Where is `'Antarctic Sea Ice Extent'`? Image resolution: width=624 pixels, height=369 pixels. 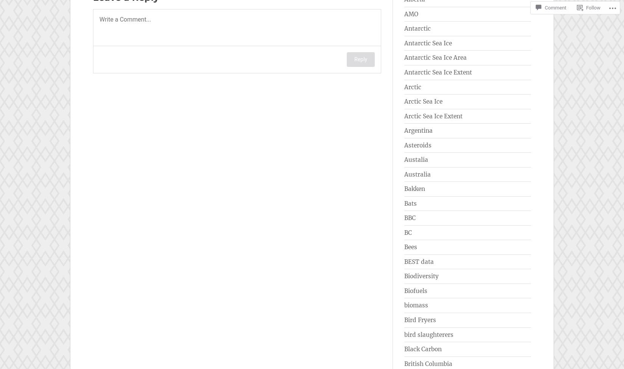 'Antarctic Sea Ice Extent' is located at coordinates (438, 71).